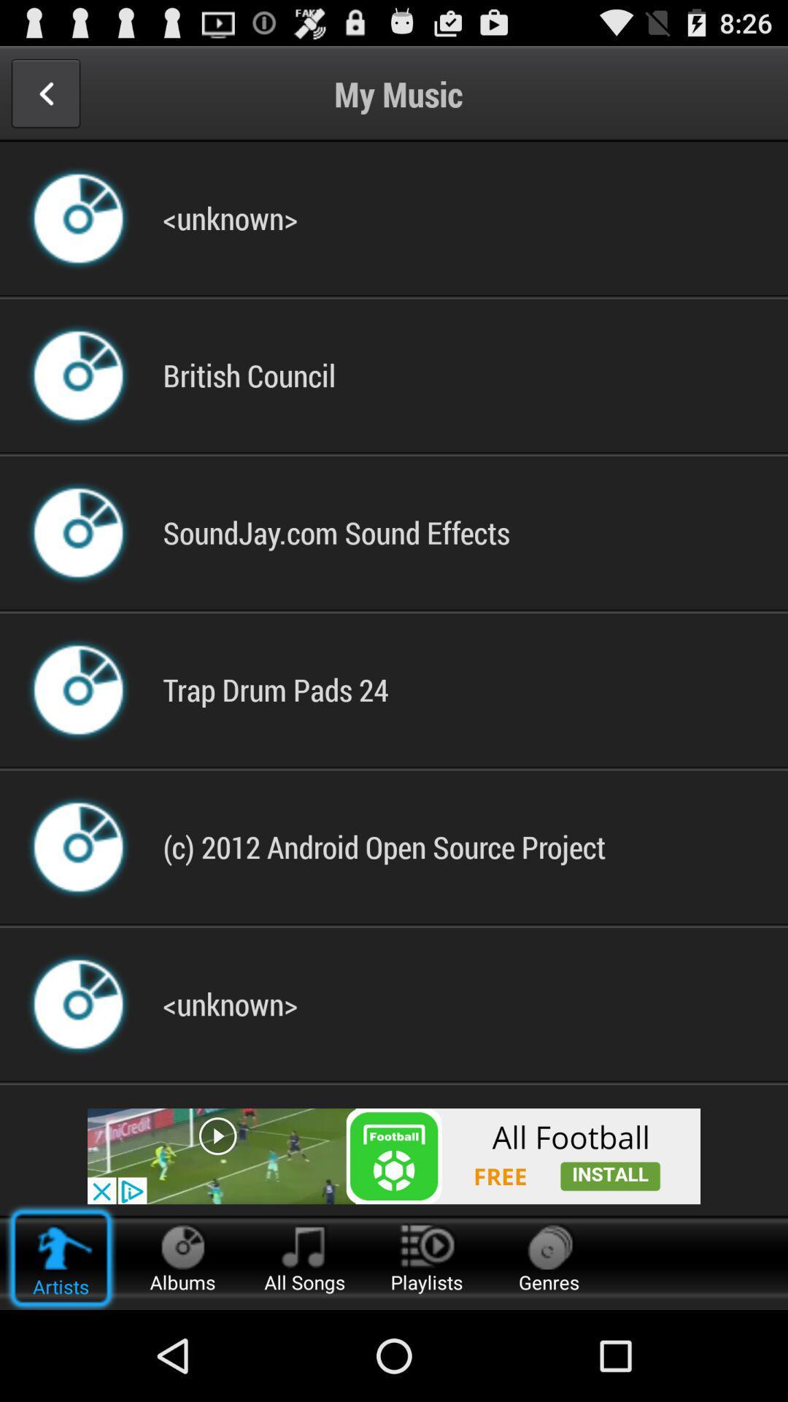 The width and height of the screenshot is (788, 1402). I want to click on the arrow_backward icon, so click(45, 99).